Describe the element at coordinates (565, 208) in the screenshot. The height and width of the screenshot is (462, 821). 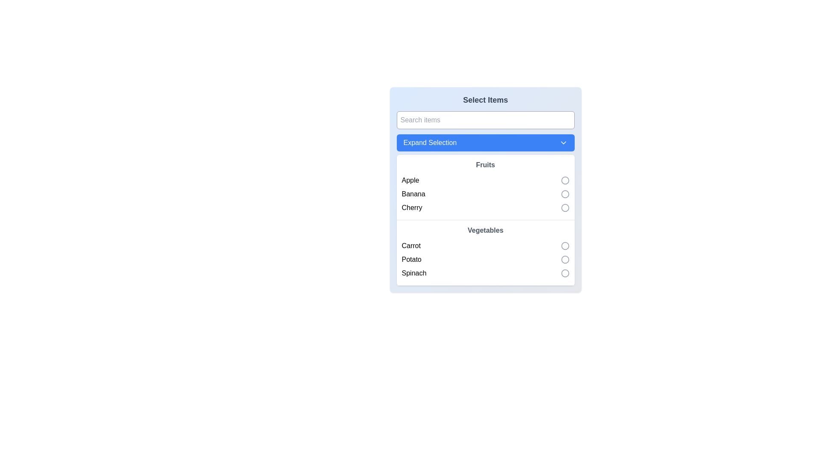
I see `the radio button associated with the 'Cherry' option in the 'Fruits' section` at that location.